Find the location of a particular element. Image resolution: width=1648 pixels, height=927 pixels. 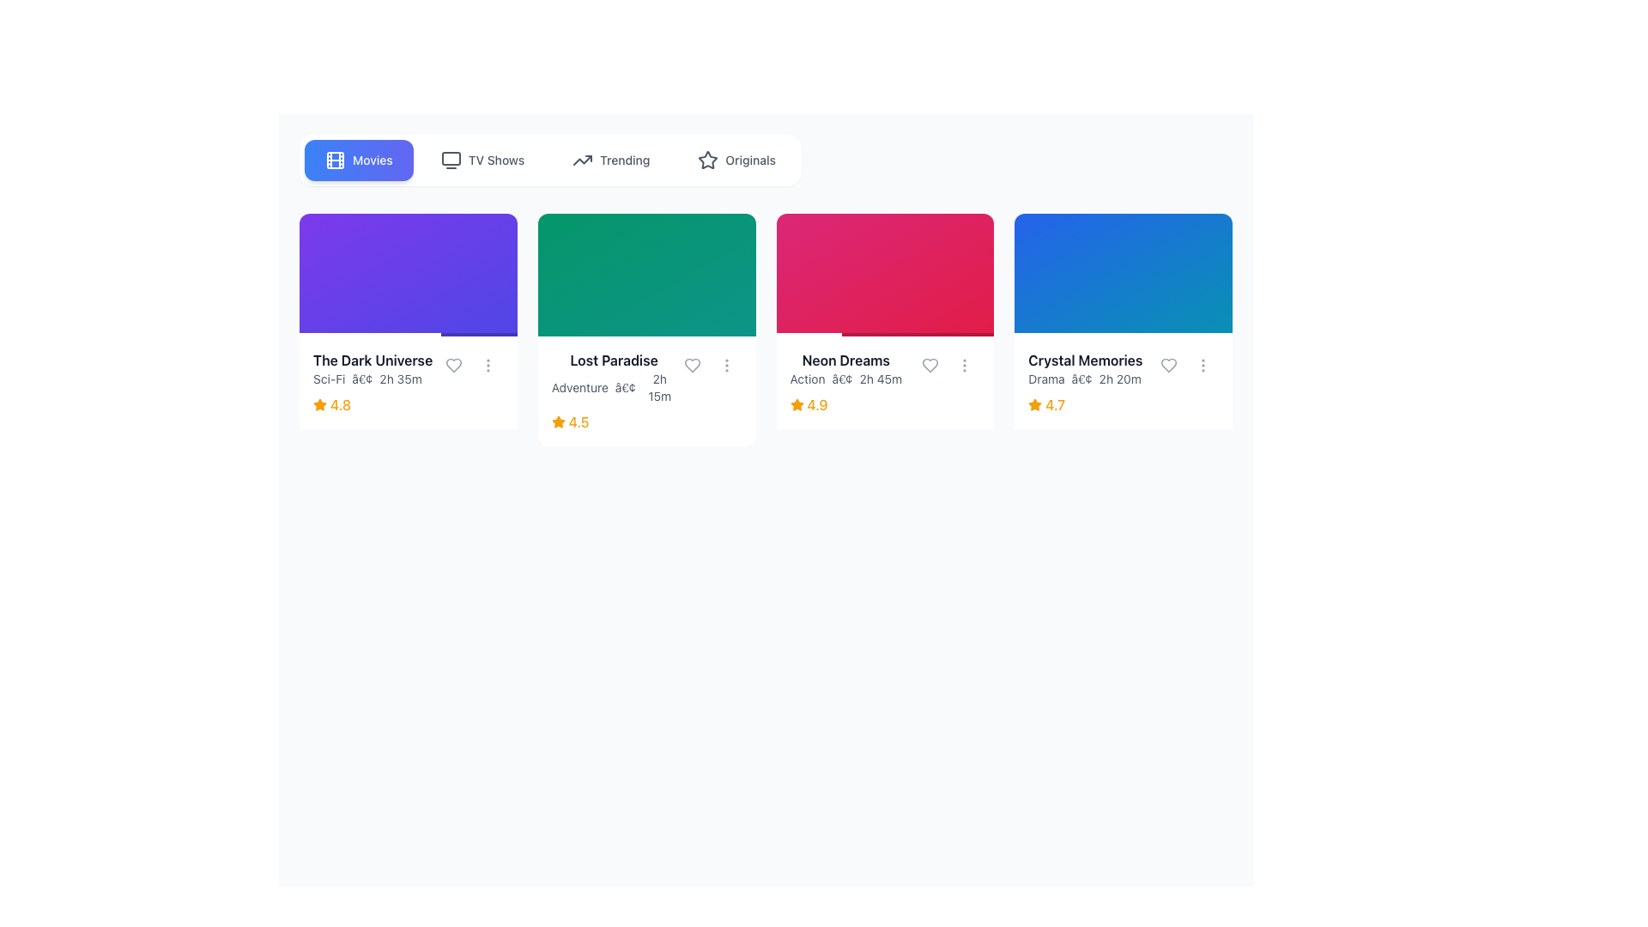

the text block displaying the title 'The Dark Universe' along with the subtitle 'Sci-Fi' and duration '2h 35m', located within the first movie card on the left is located at coordinates (372, 367).